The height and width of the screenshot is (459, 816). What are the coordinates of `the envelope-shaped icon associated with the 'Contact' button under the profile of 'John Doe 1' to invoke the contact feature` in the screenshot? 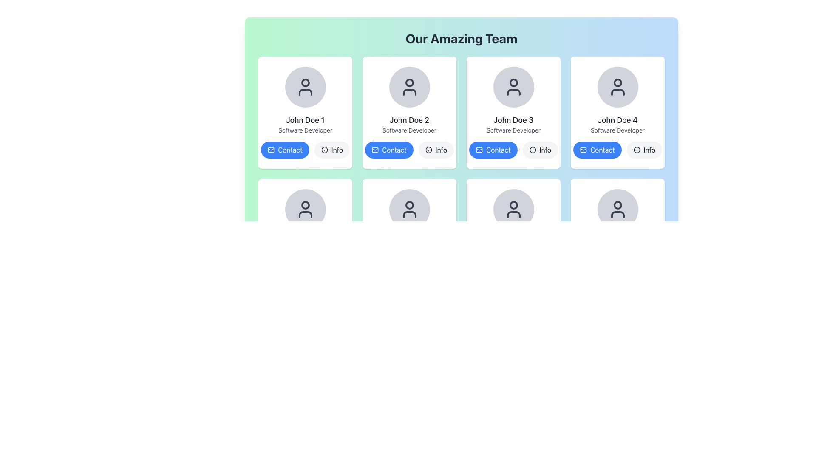 It's located at (271, 150).